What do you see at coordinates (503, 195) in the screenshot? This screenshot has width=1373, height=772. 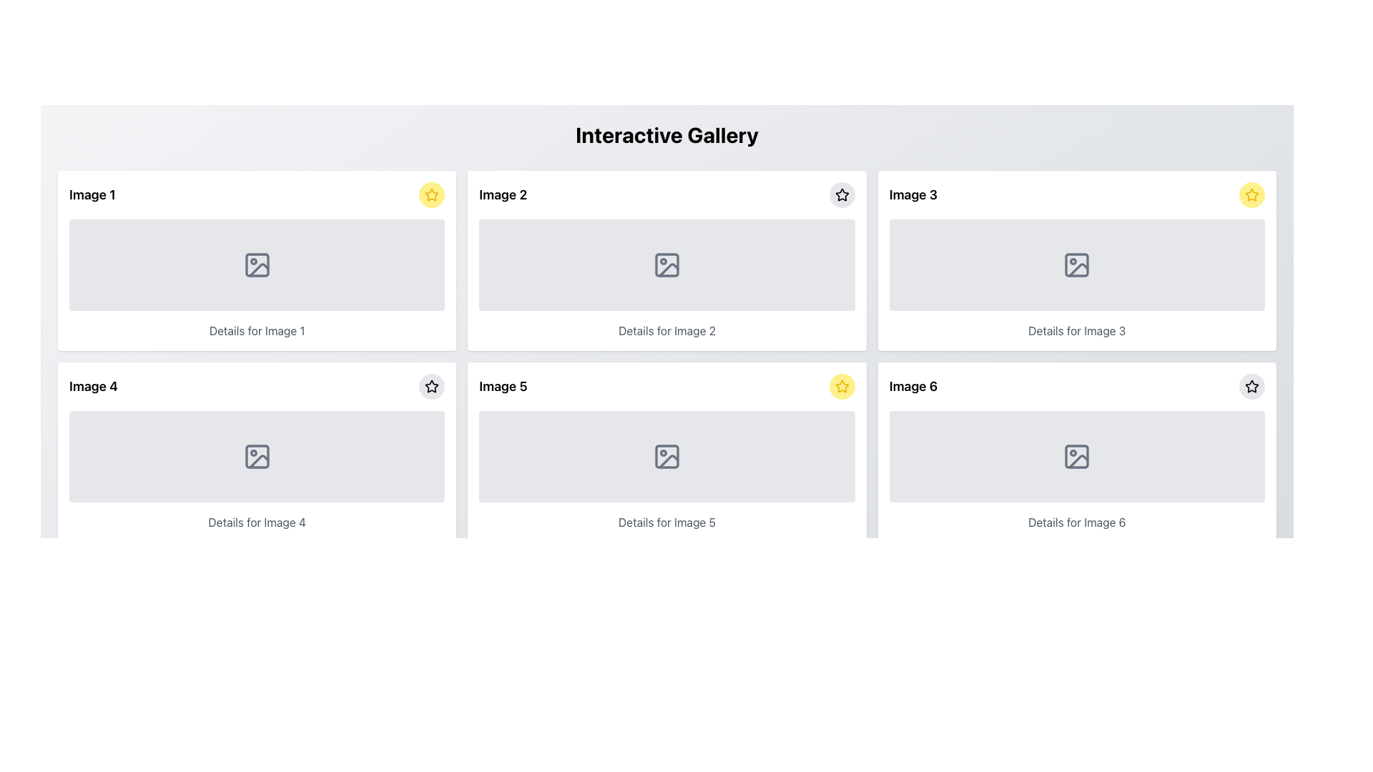 I see `static text label located in the top-right cell of the gallery grid, positioned next to the interactive icon` at bounding box center [503, 195].